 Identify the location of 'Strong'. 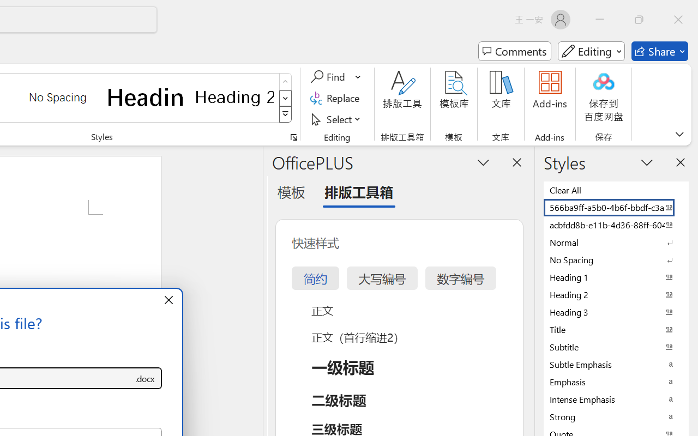
(616, 416).